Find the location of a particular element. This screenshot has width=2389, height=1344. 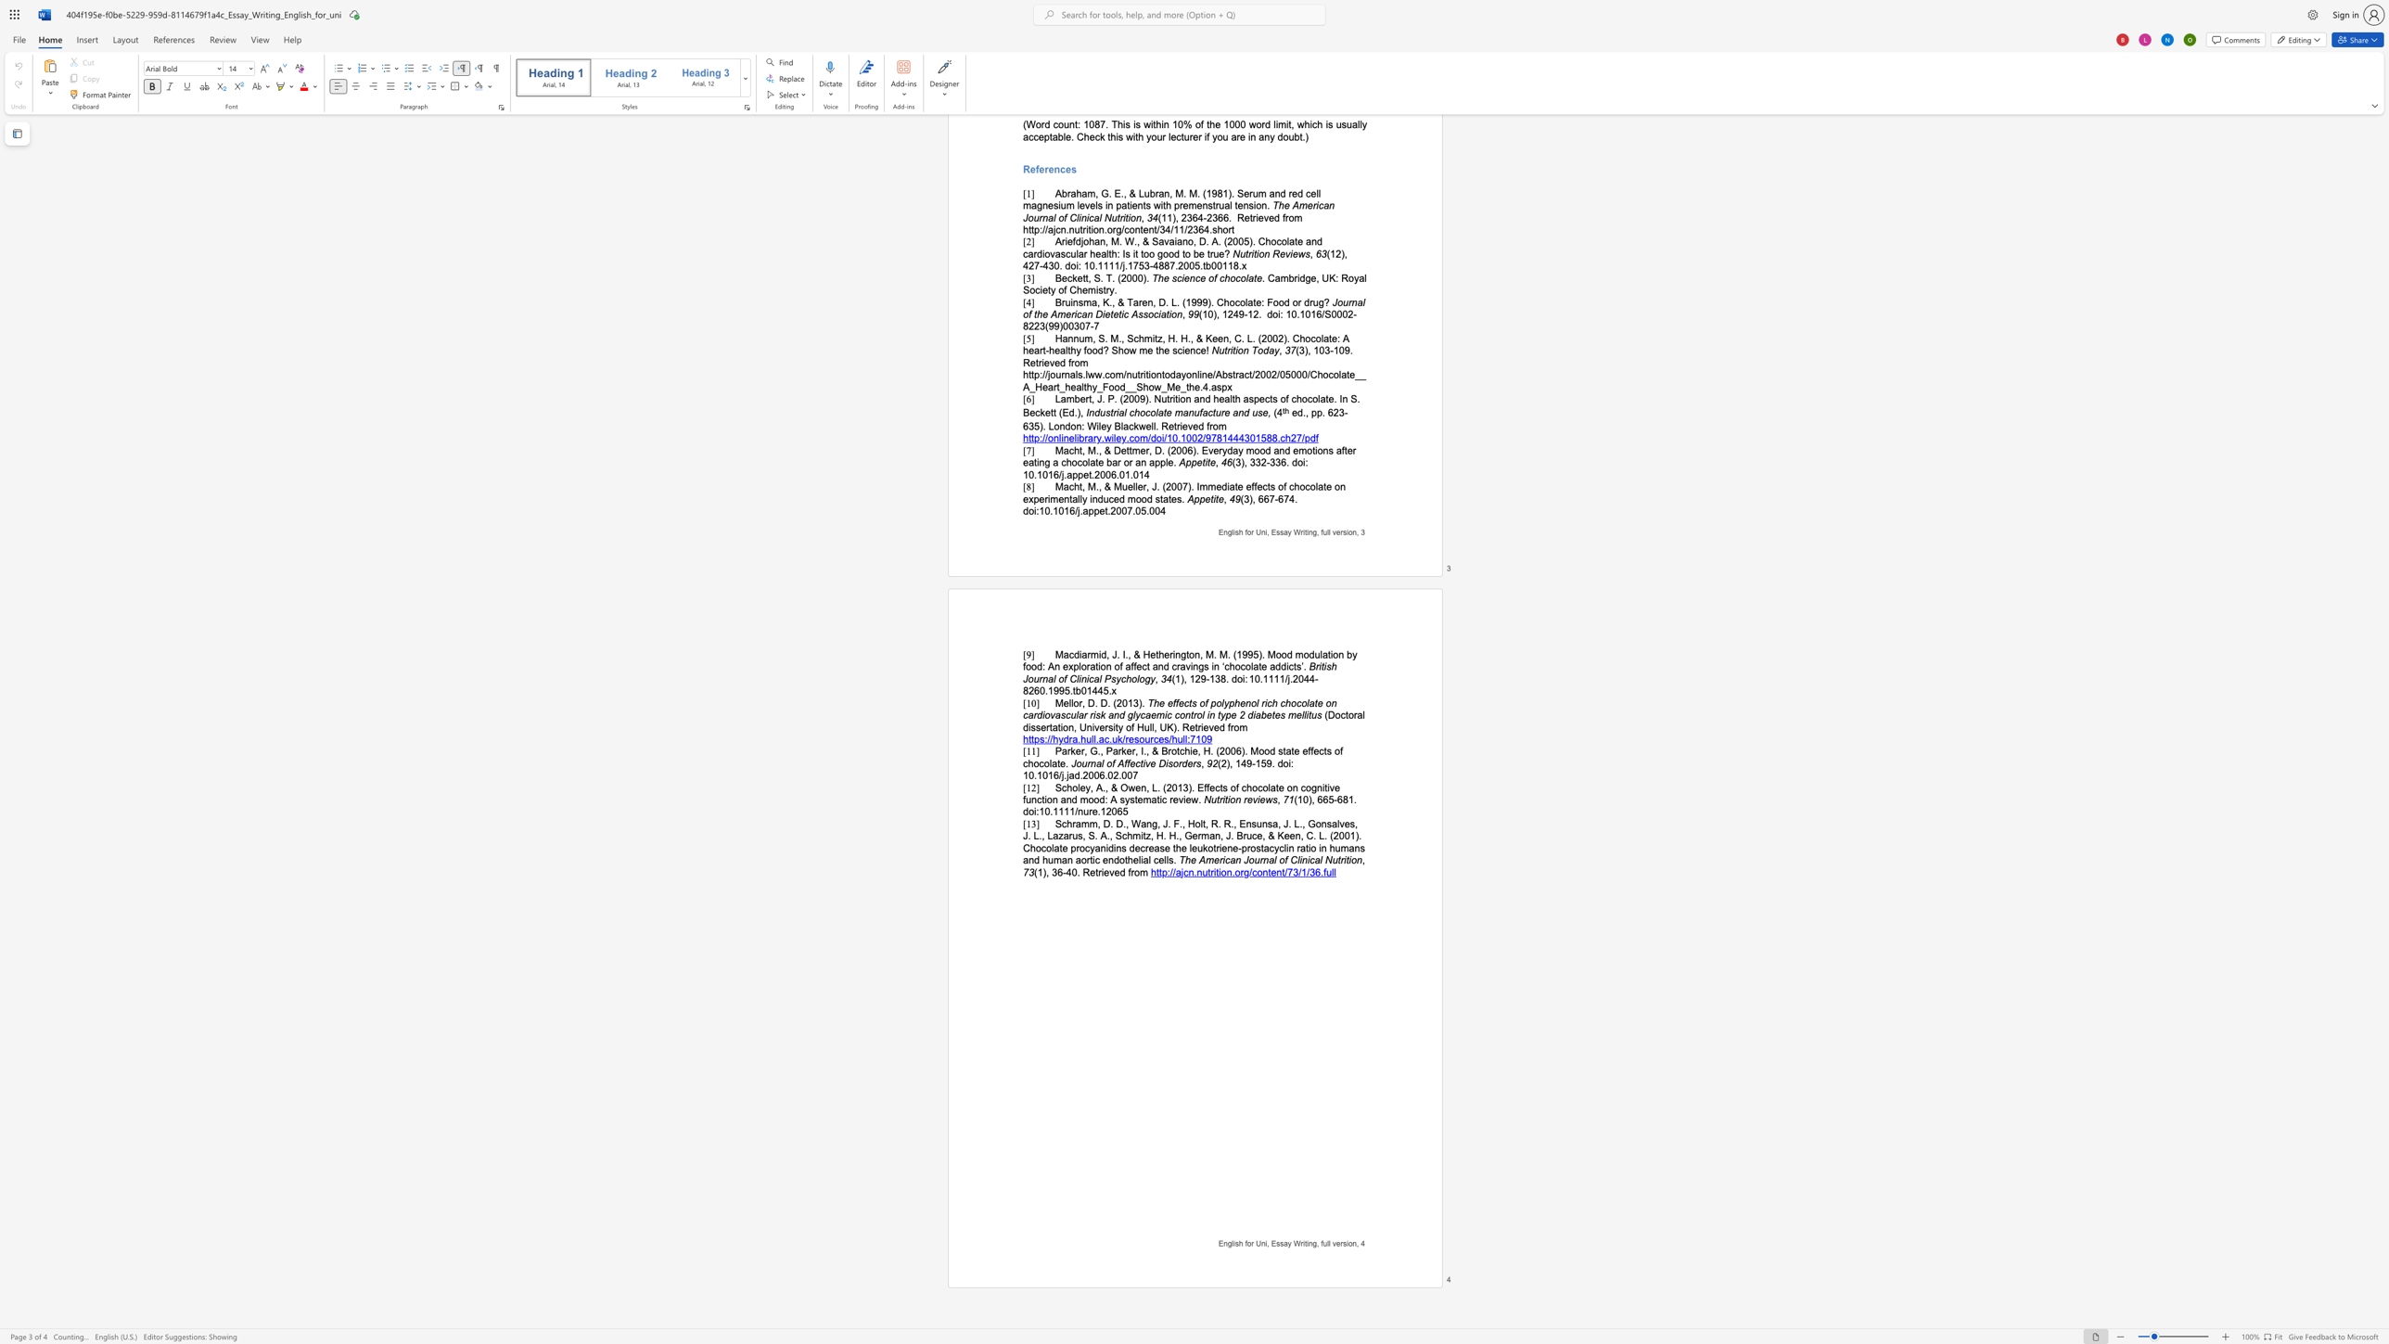

the 1th character "H" in the text is located at coordinates (1141, 726).